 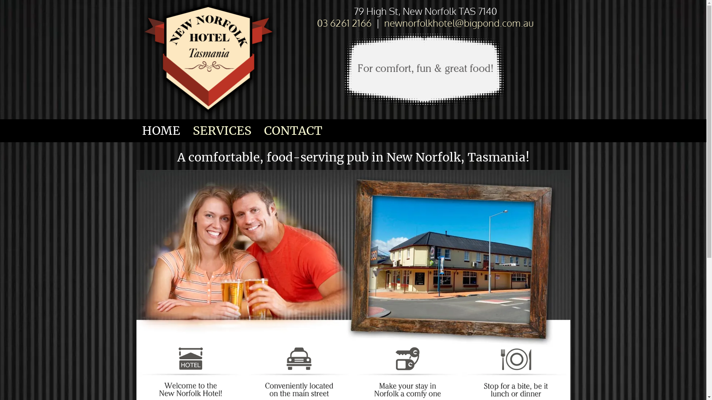 I want to click on 'homely comfort at excellent rates,- in New Norfolk, Tasmania', so click(x=191, y=359).